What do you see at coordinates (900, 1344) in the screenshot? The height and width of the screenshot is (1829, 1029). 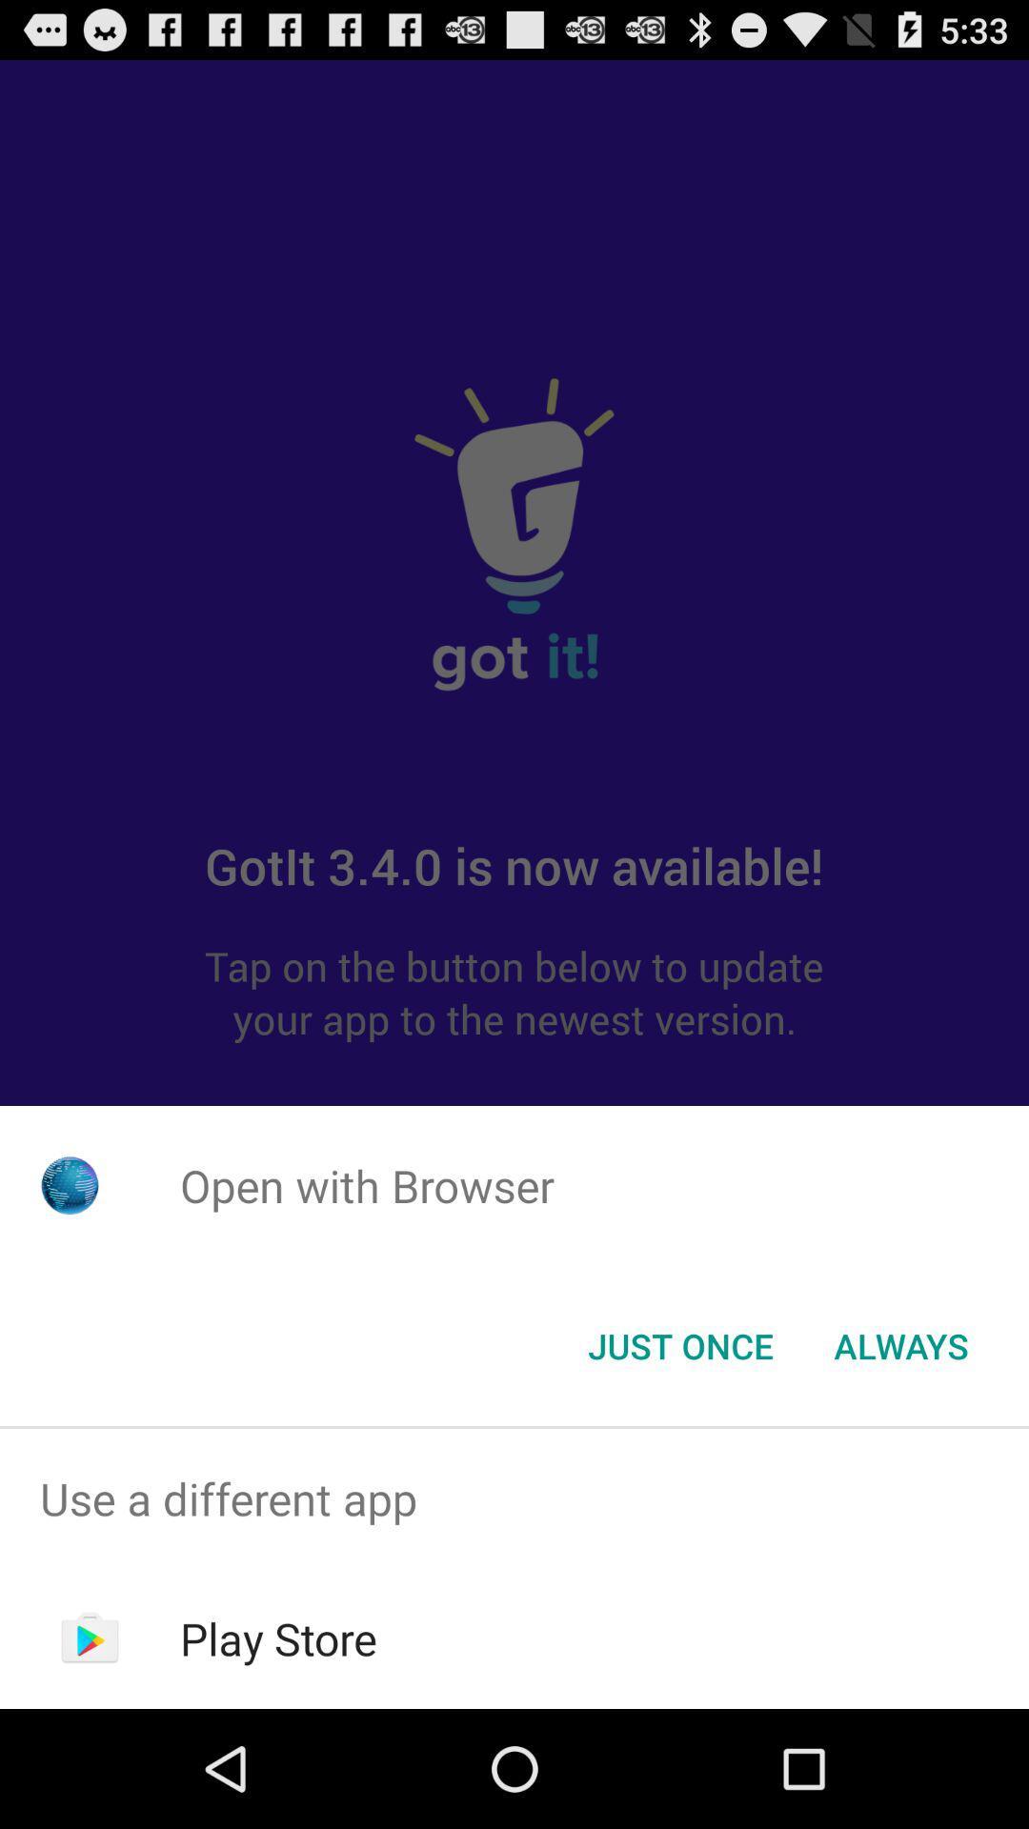 I see `app below open with browser app` at bounding box center [900, 1344].